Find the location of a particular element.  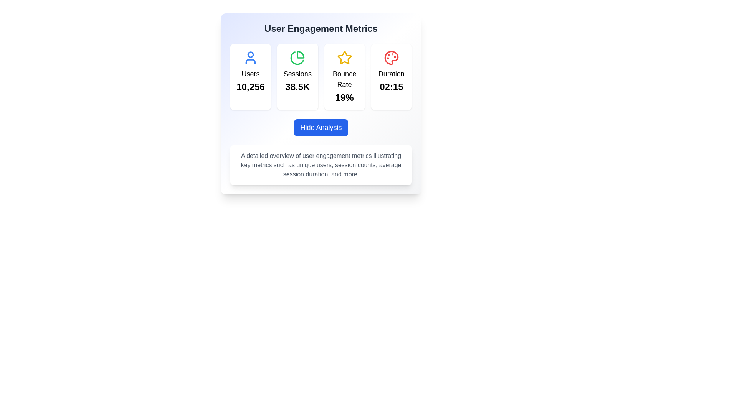

the Text Display showing the number '10,256' in bold and enlarged font, located under the 'Users' label within a white card is located at coordinates (251, 87).